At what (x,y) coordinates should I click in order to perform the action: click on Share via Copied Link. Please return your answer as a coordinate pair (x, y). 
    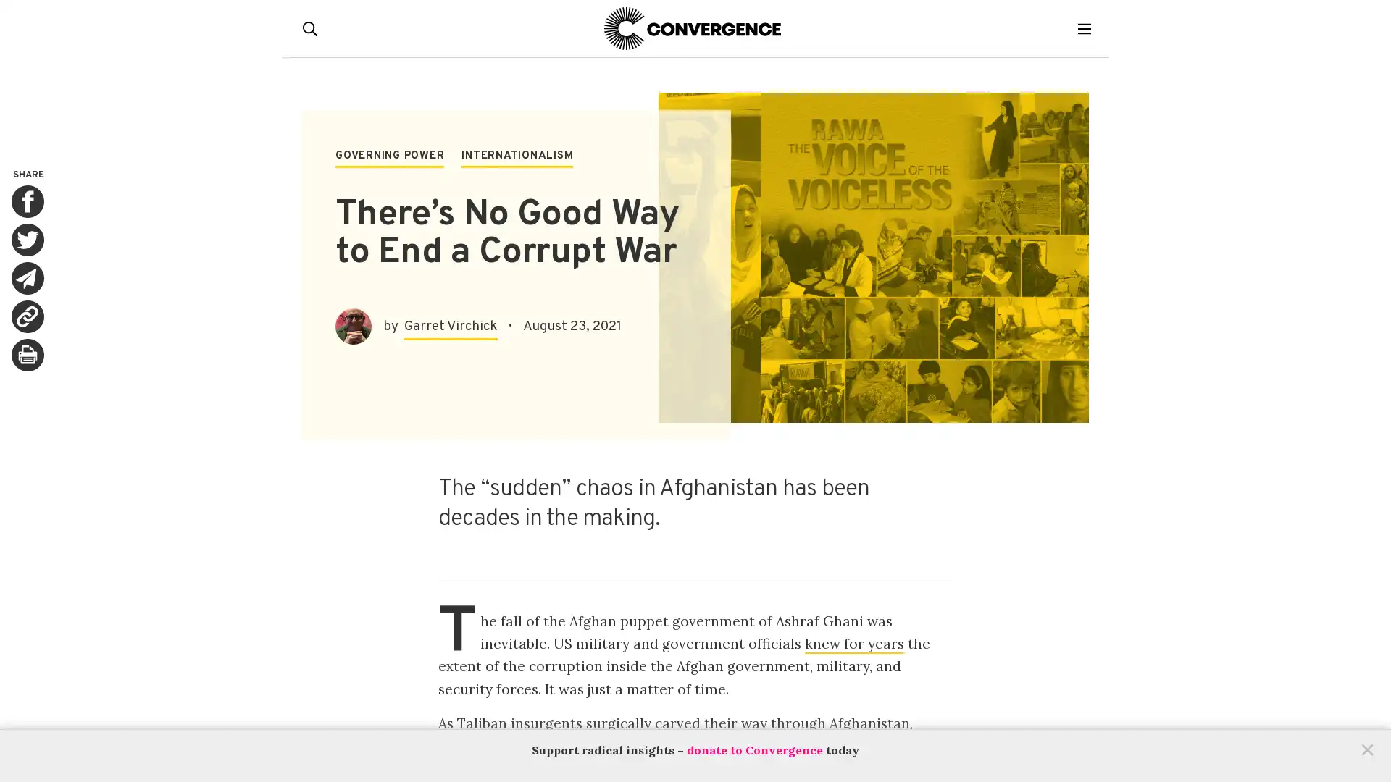
    Looking at the image, I should click on (28, 316).